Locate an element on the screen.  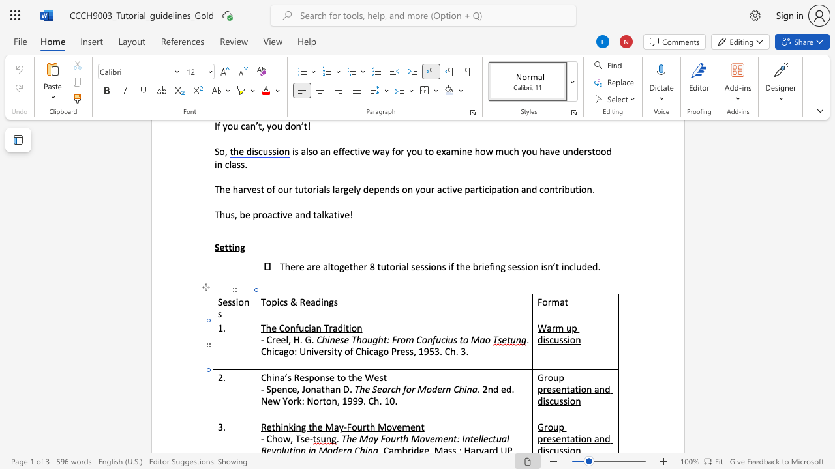
the 1th character "g" in the text is located at coordinates (285, 350).